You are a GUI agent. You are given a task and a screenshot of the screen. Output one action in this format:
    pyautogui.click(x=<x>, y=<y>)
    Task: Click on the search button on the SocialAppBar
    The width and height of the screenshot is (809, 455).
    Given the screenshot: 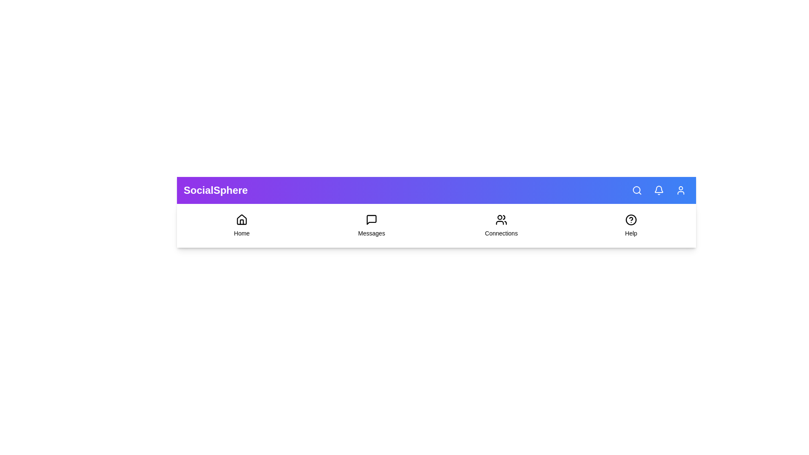 What is the action you would take?
    pyautogui.click(x=637, y=190)
    